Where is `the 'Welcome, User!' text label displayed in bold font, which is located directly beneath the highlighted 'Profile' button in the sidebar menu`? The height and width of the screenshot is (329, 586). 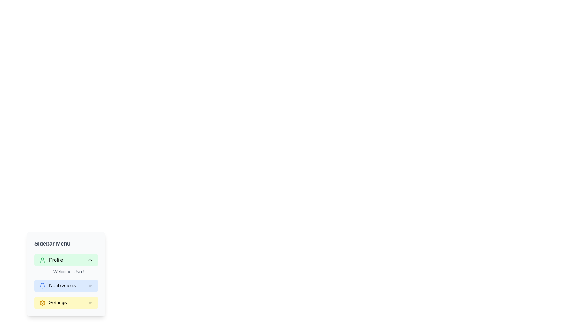
the 'Welcome, User!' text label displayed in bold font, which is located directly beneath the highlighted 'Profile' button in the sidebar menu is located at coordinates (69, 271).